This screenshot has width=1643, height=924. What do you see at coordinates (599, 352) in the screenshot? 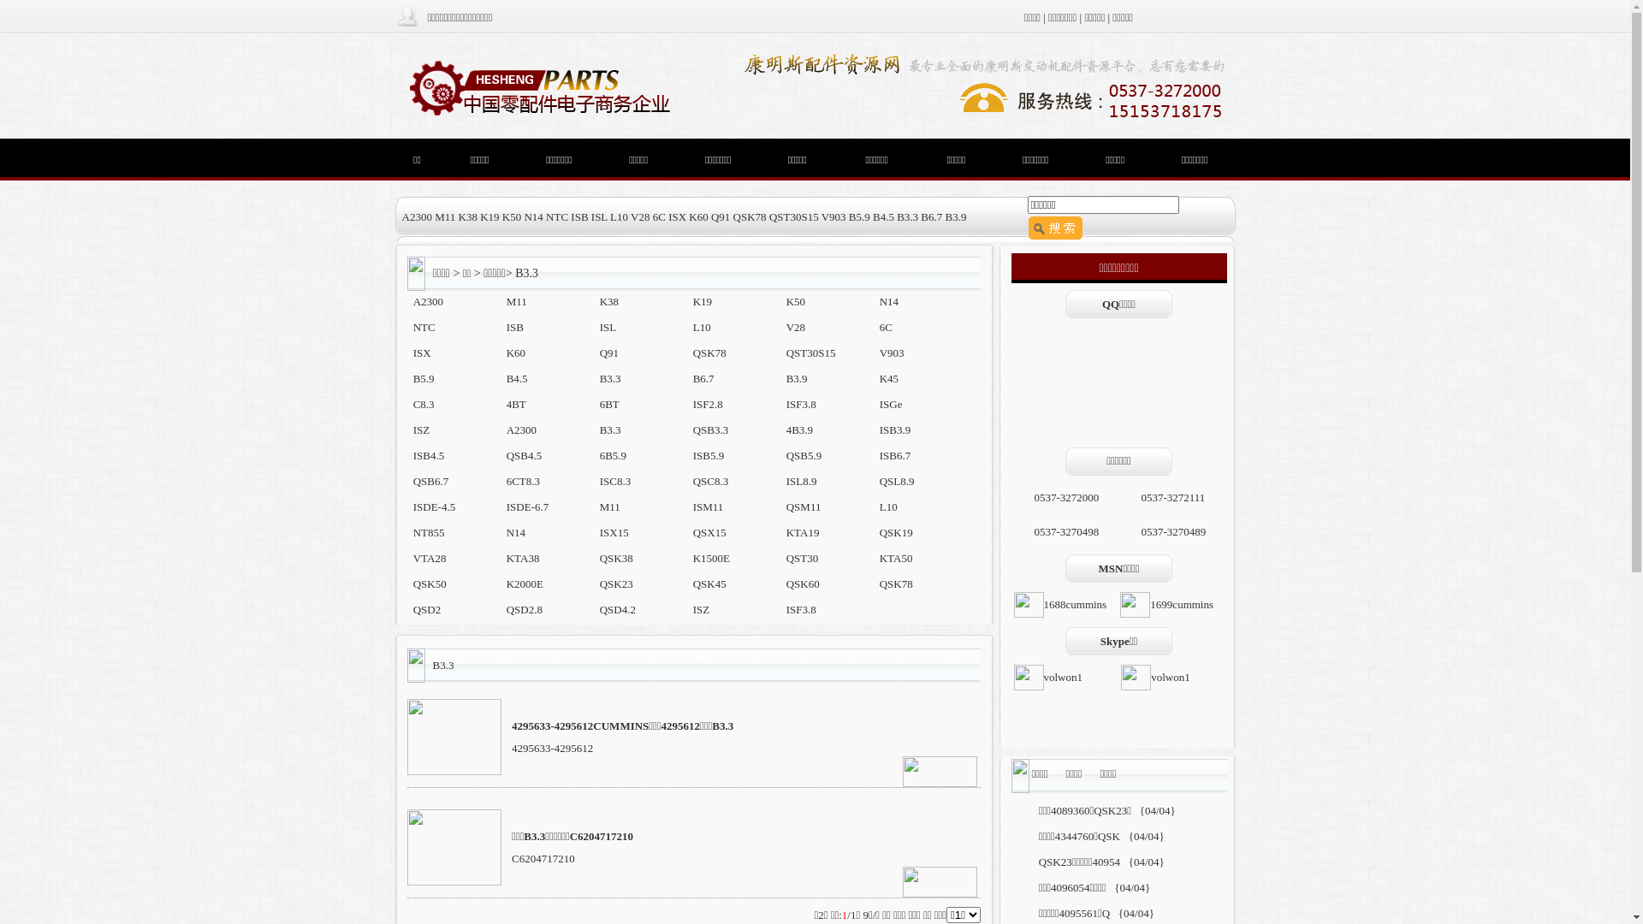
I see `'Q91'` at bounding box center [599, 352].